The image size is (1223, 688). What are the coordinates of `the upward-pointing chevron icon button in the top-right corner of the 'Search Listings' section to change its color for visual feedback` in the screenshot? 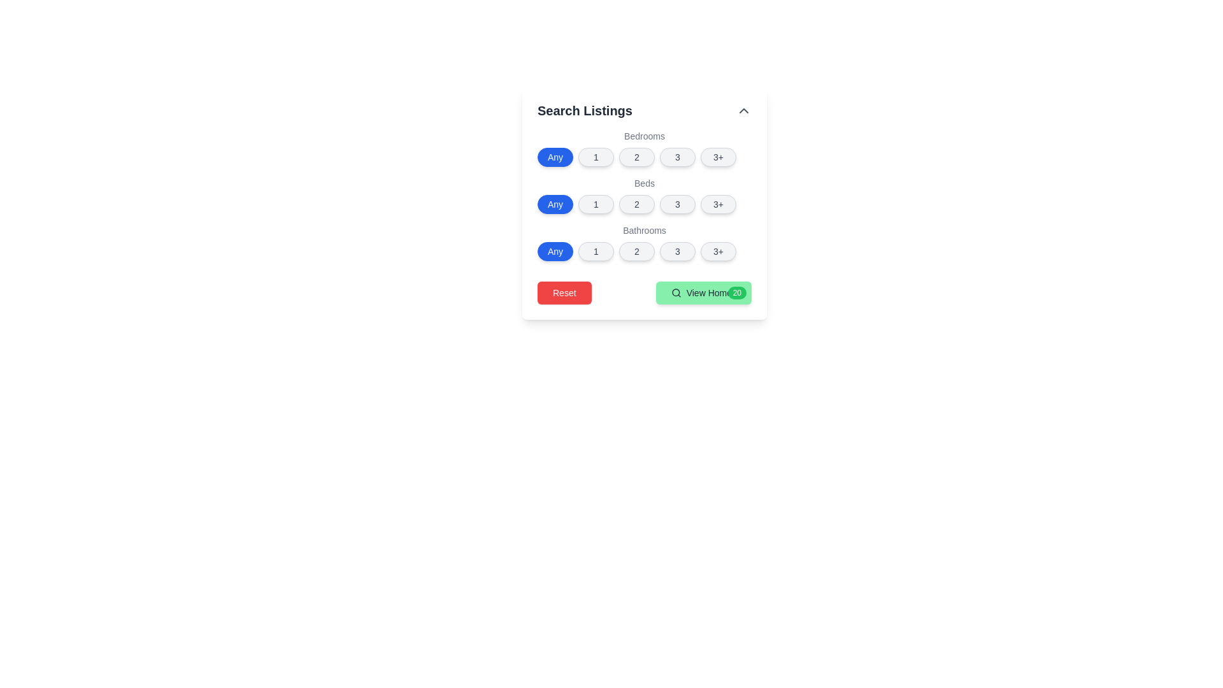 It's located at (743, 110).